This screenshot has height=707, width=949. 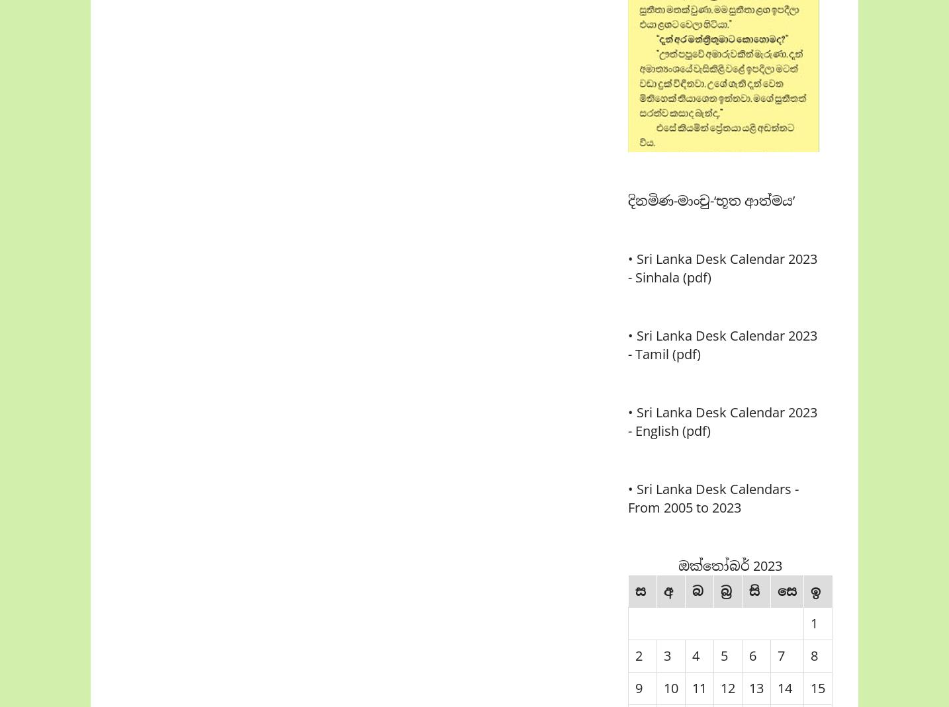 What do you see at coordinates (724, 655) in the screenshot?
I see `'5'` at bounding box center [724, 655].